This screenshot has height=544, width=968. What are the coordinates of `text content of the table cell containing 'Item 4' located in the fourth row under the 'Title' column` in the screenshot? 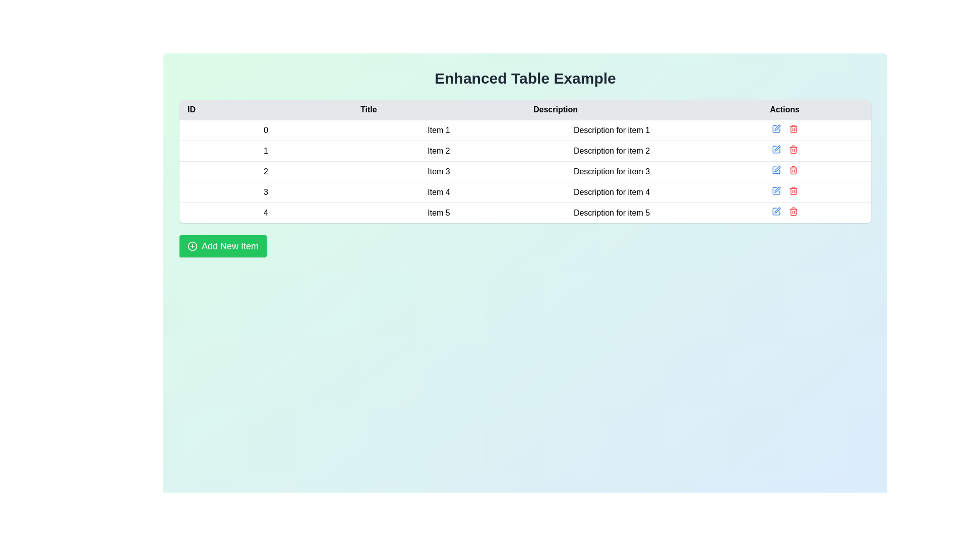 It's located at (439, 192).